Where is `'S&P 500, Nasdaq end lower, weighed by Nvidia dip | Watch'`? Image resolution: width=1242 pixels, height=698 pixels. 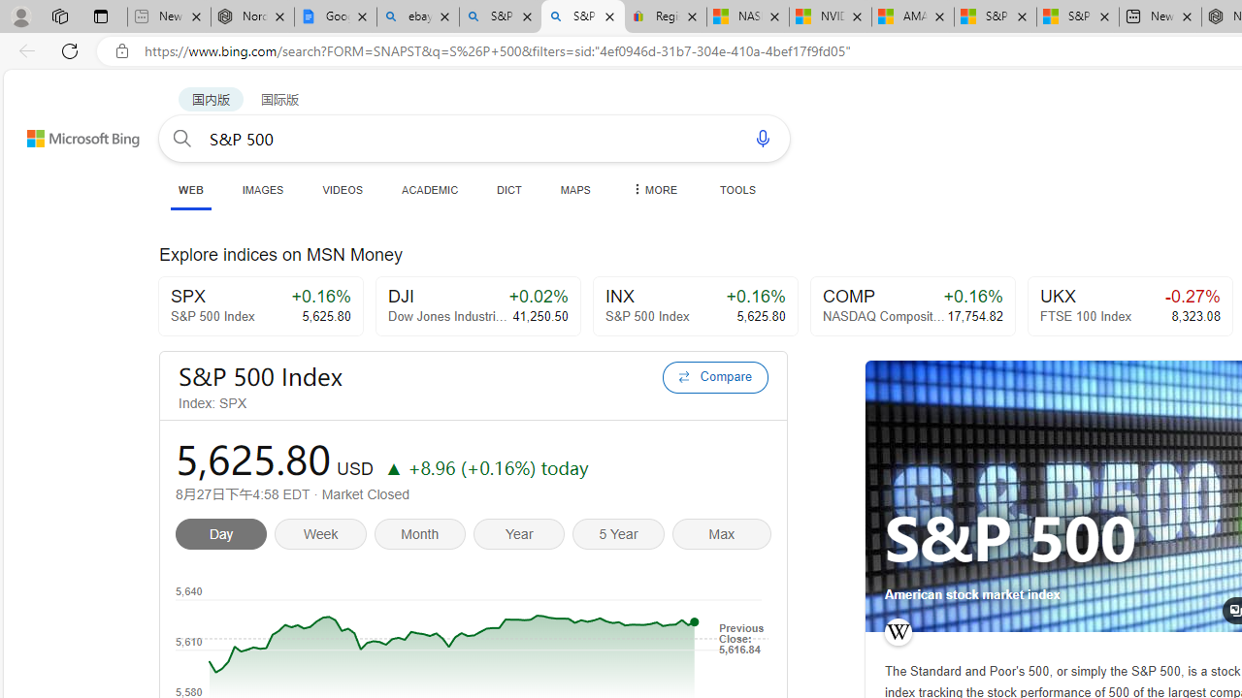 'S&P 500, Nasdaq end lower, weighed by Nvidia dip | Watch' is located at coordinates (1077, 16).